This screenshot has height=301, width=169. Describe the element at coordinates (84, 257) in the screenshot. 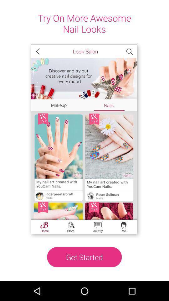

I see `get started` at that location.